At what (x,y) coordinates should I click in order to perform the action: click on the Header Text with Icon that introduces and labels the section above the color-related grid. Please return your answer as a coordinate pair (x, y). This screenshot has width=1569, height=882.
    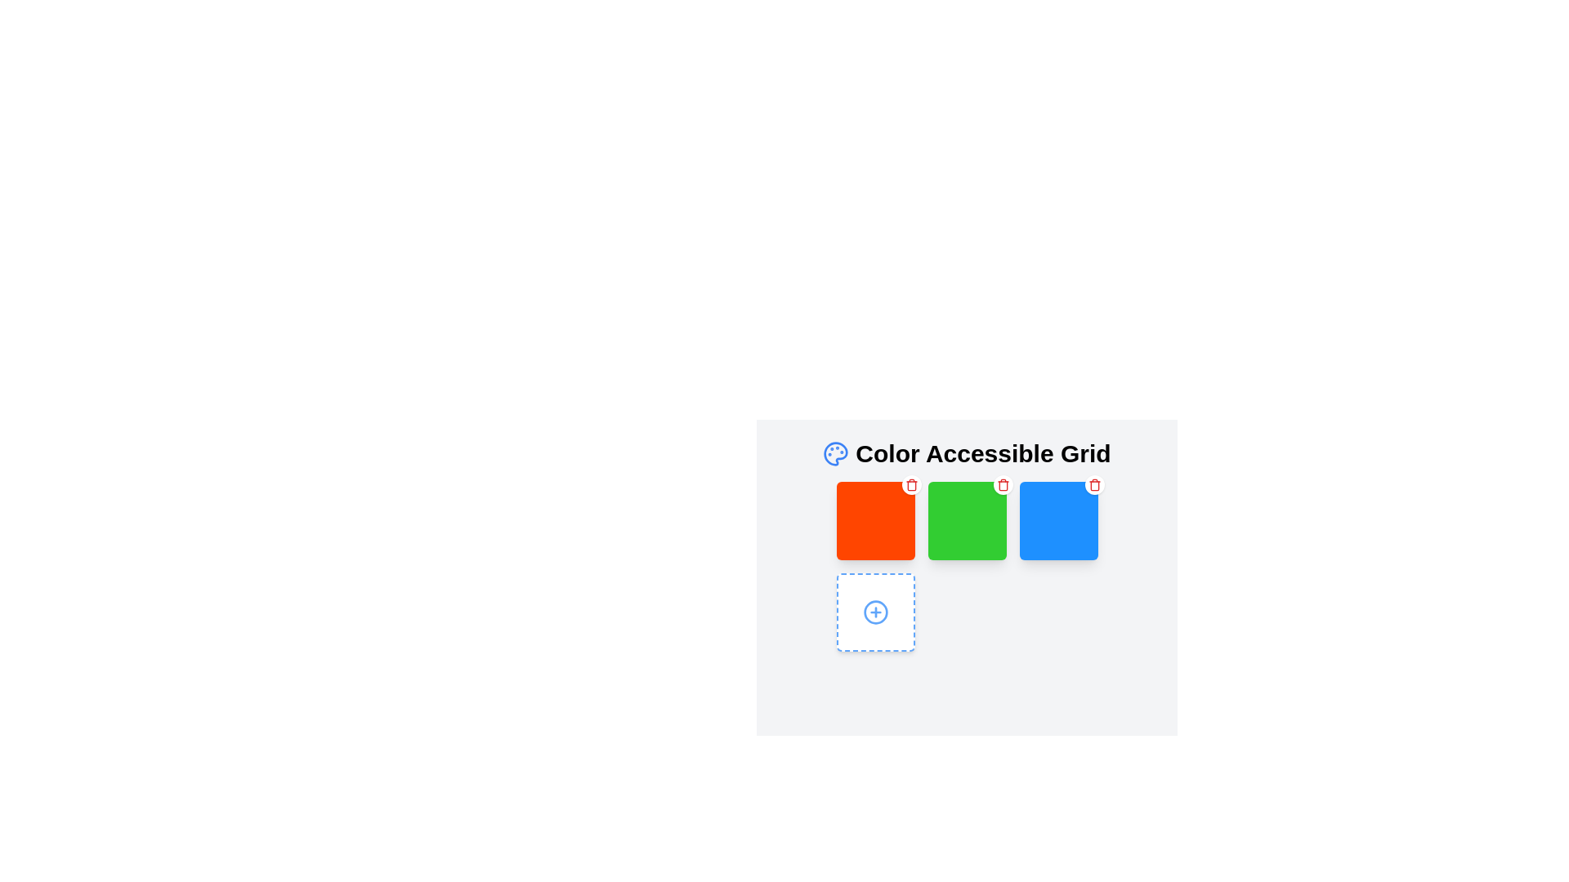
    Looking at the image, I should click on (967, 453).